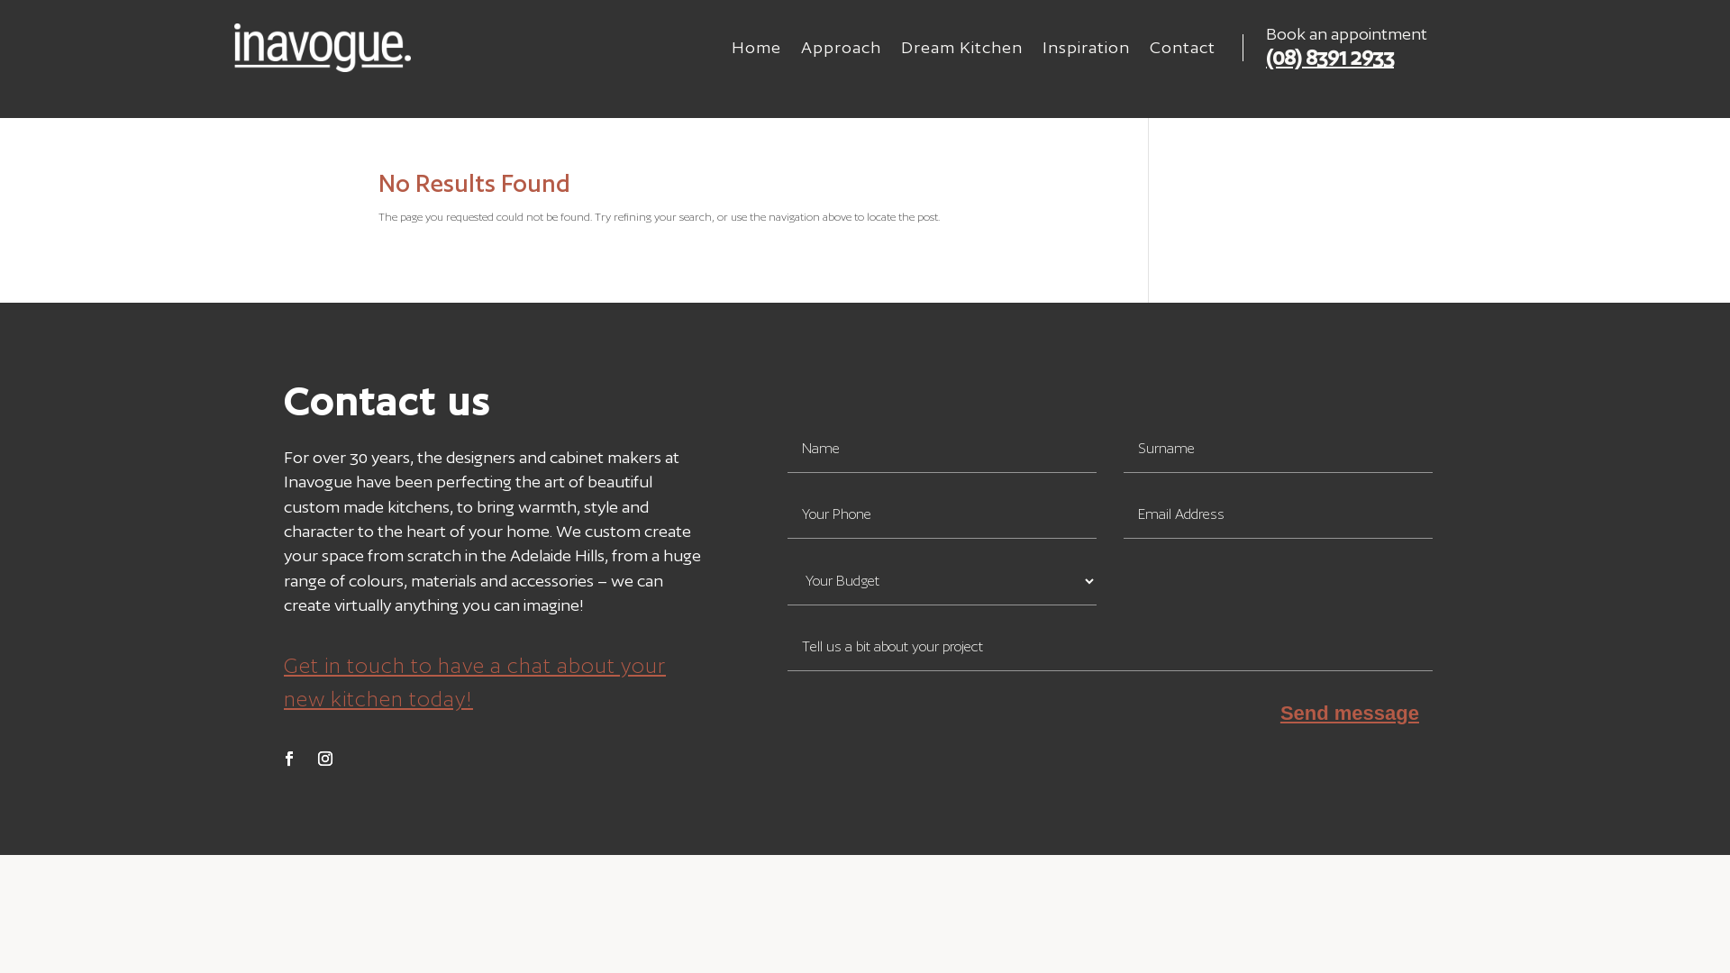 The height and width of the screenshot is (973, 1730). I want to click on 'Dream Kitchen', so click(961, 50).